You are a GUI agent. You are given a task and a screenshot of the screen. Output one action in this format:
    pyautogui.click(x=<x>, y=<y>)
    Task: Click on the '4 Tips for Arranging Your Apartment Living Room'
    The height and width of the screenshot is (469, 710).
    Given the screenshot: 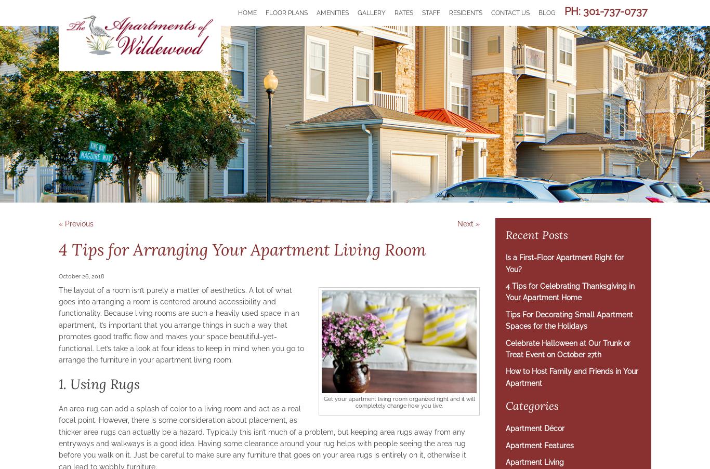 What is the action you would take?
    pyautogui.click(x=242, y=249)
    